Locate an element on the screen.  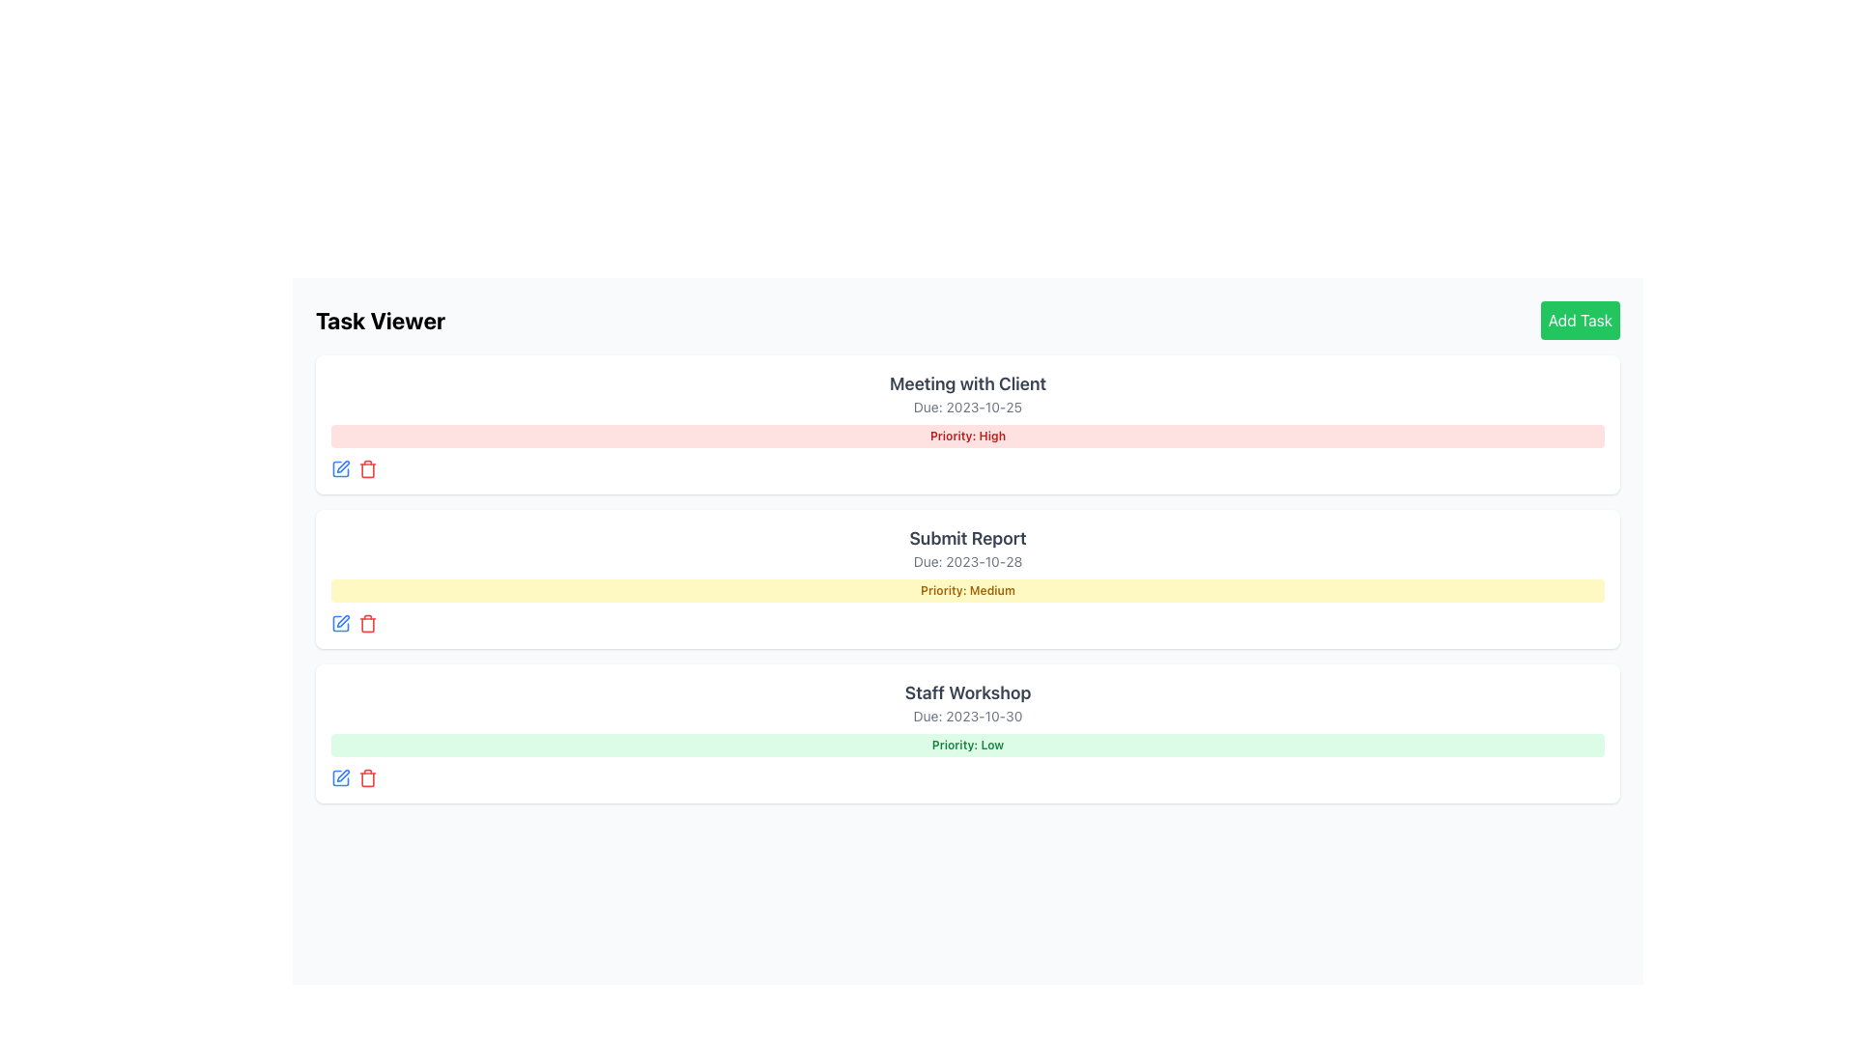
the edit button located in the upper-right corner of the task card, which is positioned to the left of a red trash icon is located at coordinates (343, 466).